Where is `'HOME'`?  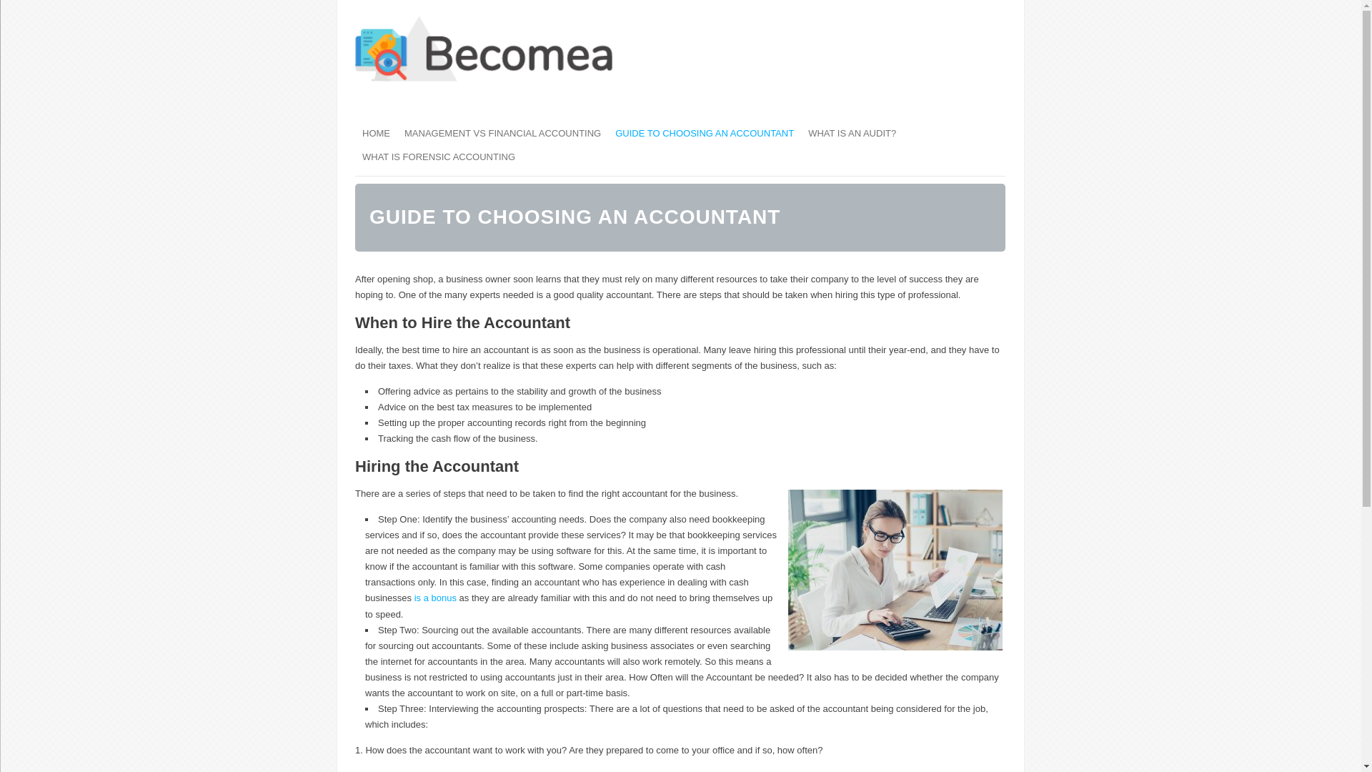 'HOME' is located at coordinates (376, 133).